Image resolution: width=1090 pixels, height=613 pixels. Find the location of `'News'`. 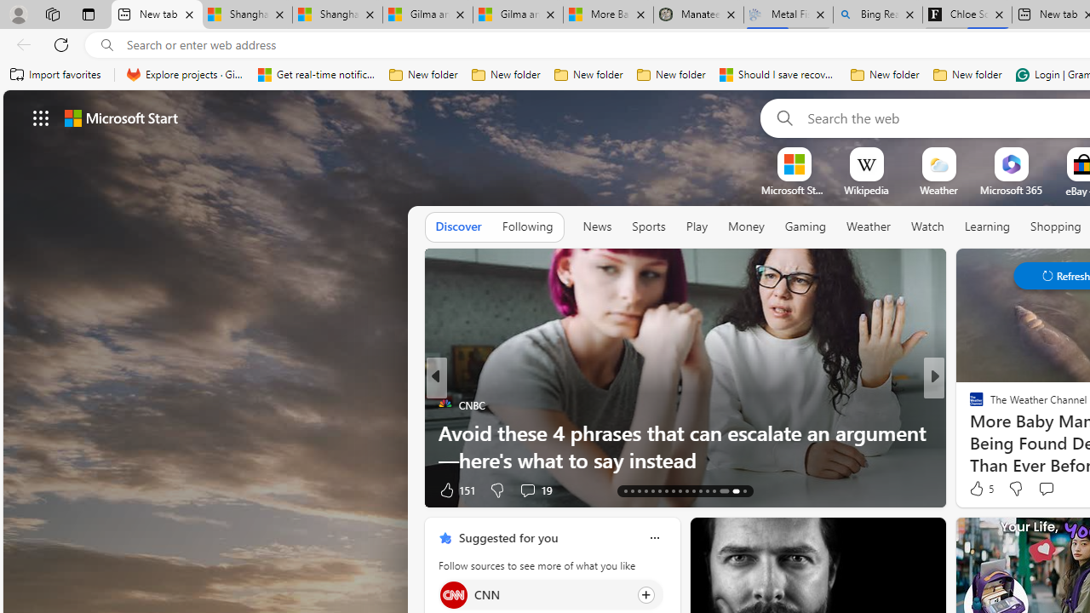

'News' is located at coordinates (597, 226).